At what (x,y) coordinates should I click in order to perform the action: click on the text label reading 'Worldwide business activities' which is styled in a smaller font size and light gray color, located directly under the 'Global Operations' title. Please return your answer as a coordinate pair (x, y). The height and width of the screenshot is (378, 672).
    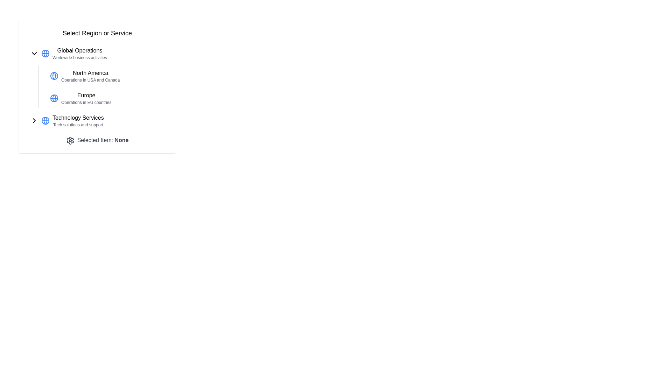
    Looking at the image, I should click on (79, 57).